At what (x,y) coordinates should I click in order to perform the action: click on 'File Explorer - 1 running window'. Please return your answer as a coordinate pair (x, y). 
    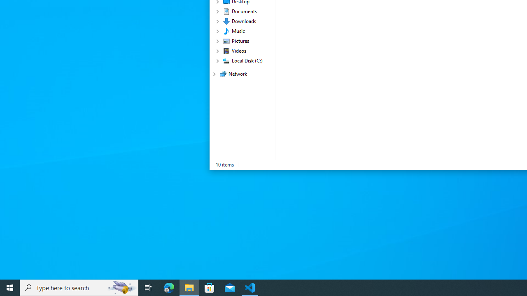
    Looking at the image, I should click on (189, 287).